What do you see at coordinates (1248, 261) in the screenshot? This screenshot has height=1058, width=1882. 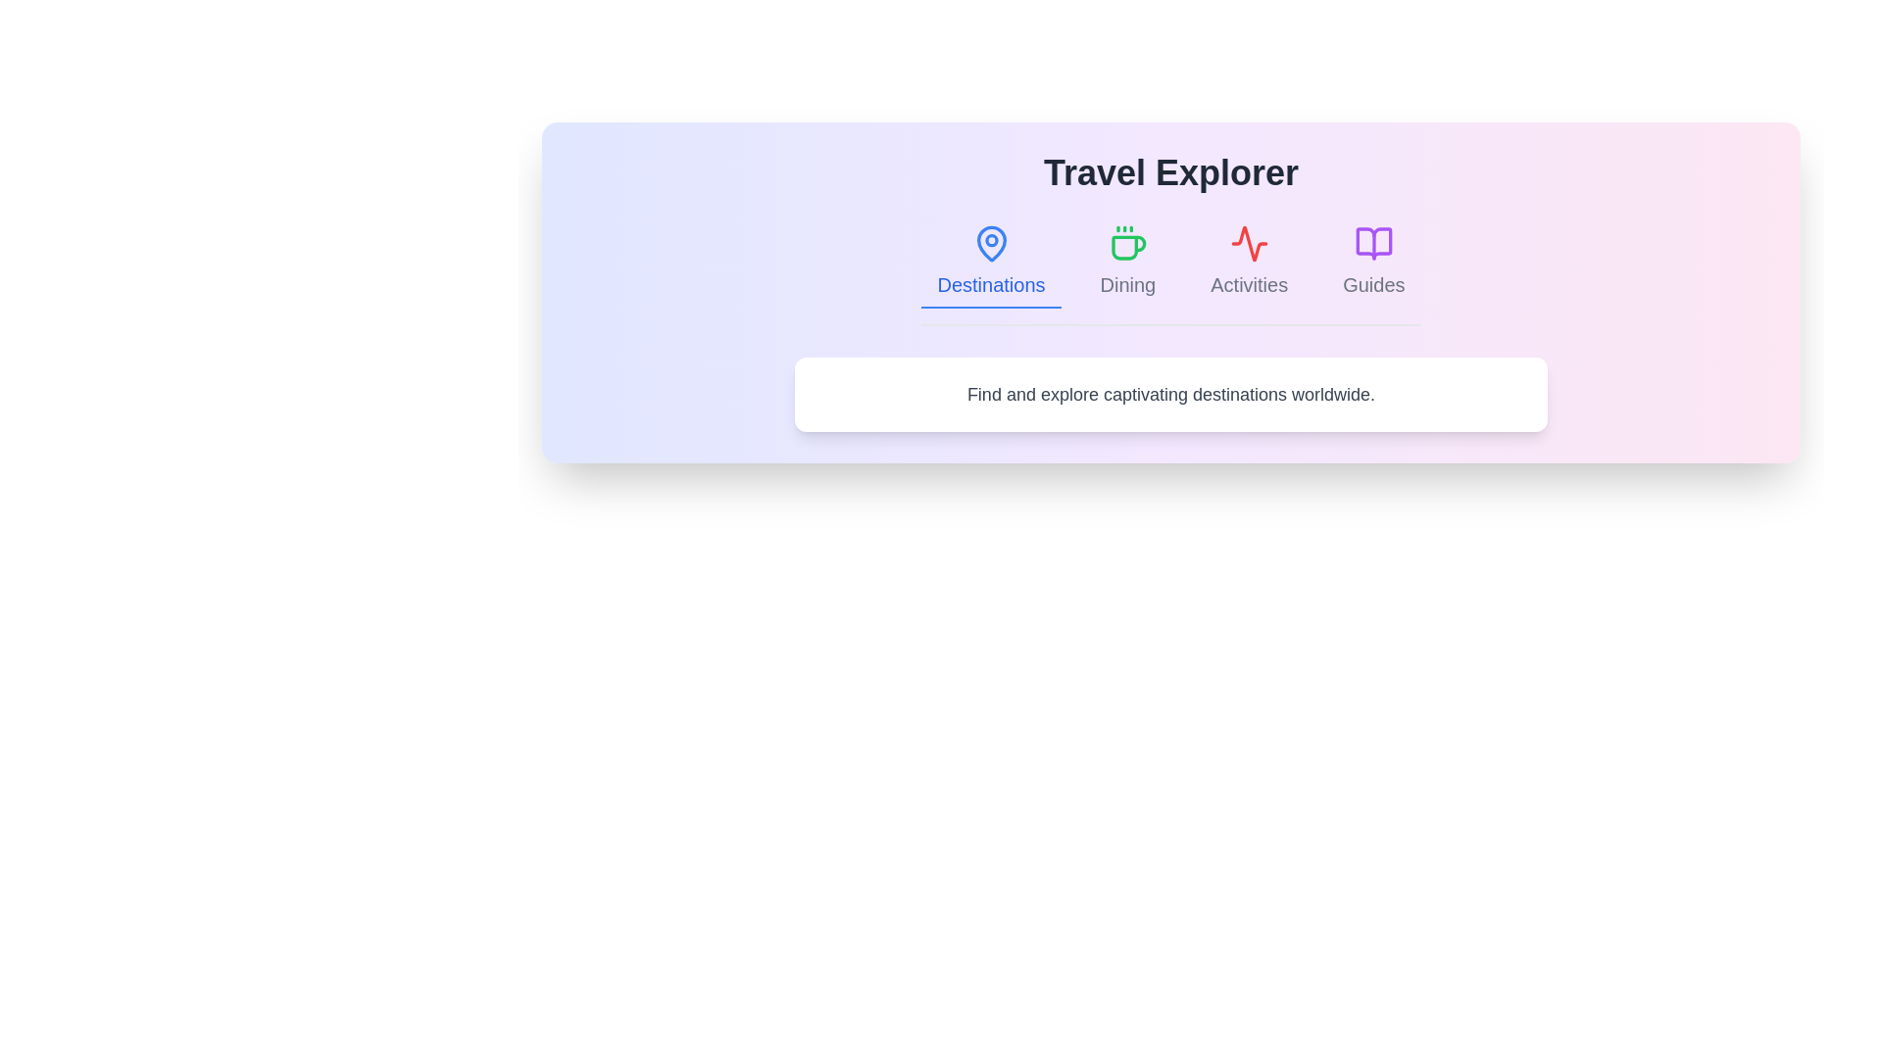 I see `the tab labeled Activities to view its content` at bounding box center [1248, 261].